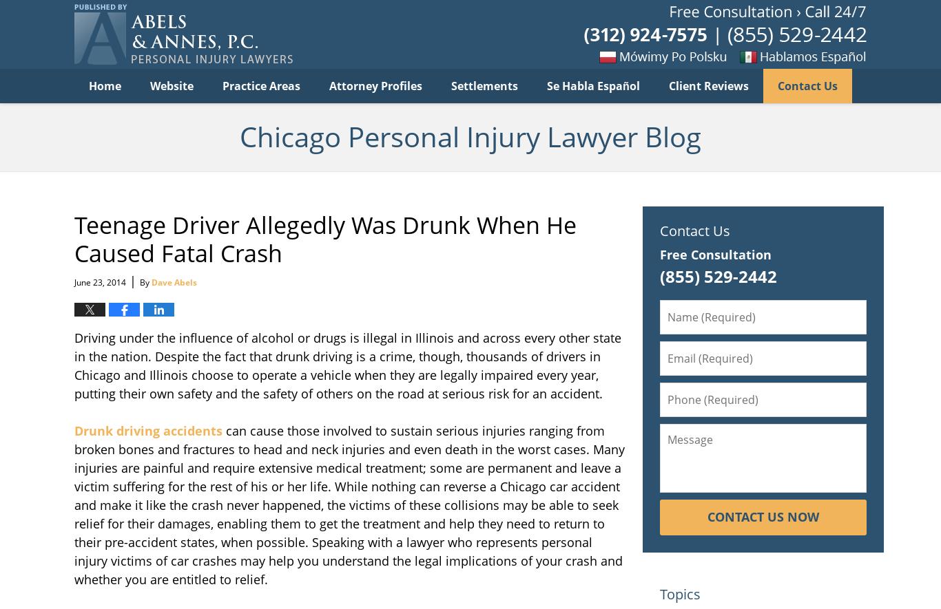 The width and height of the screenshot is (941, 609). What do you see at coordinates (450, 85) in the screenshot?
I see `'Settlements'` at bounding box center [450, 85].